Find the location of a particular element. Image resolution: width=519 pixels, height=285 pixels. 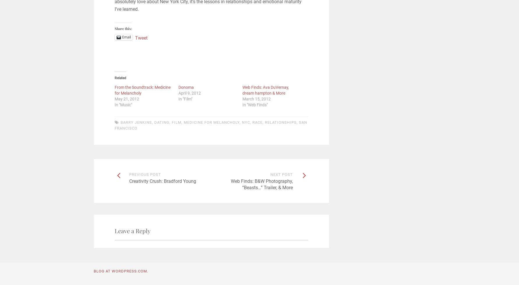

'Blog at WordPress.com.' is located at coordinates (121, 271).